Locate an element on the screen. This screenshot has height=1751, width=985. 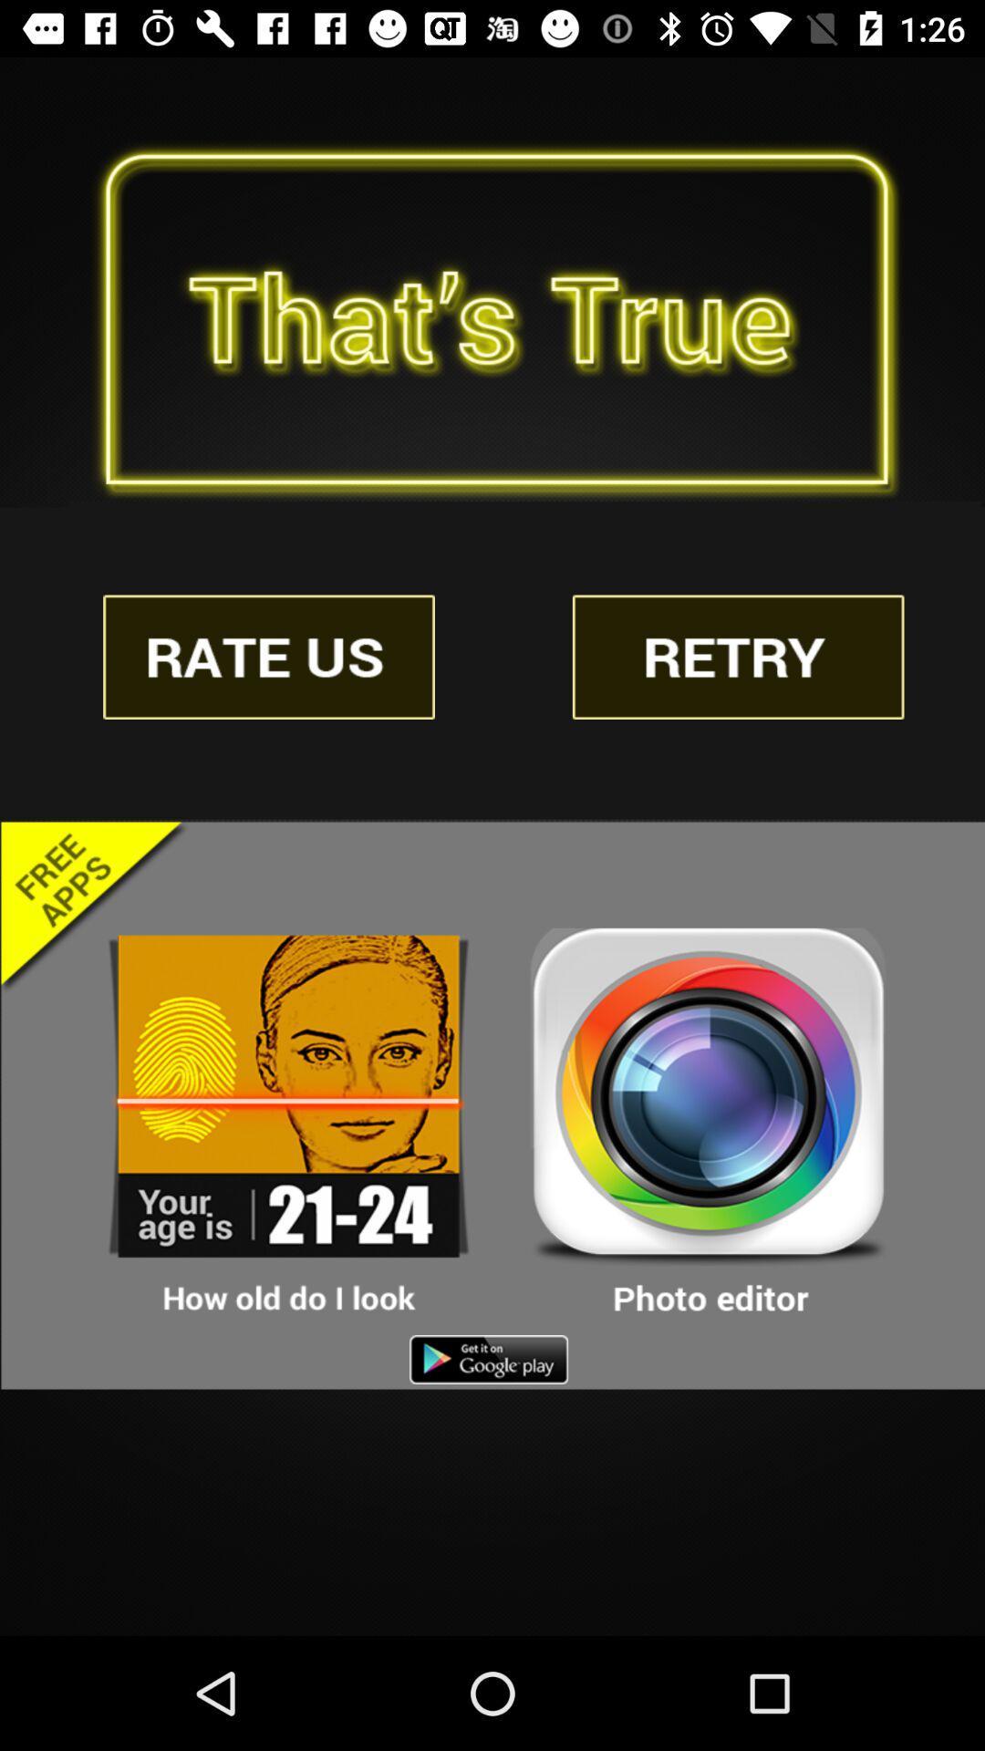
choose your choice is located at coordinates (708, 1122).